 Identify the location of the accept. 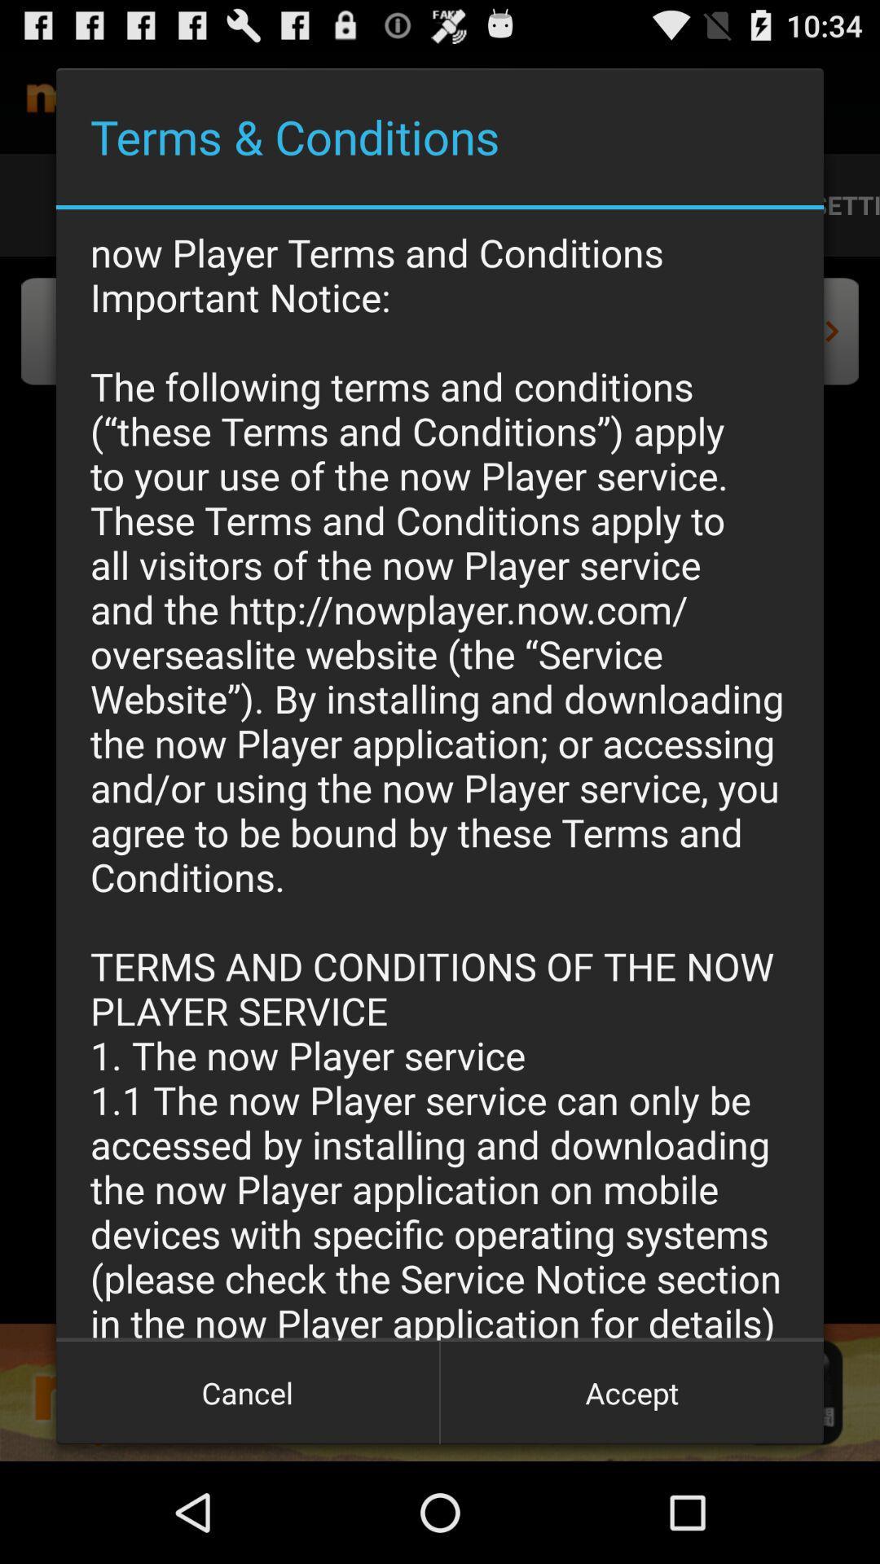
(631, 1391).